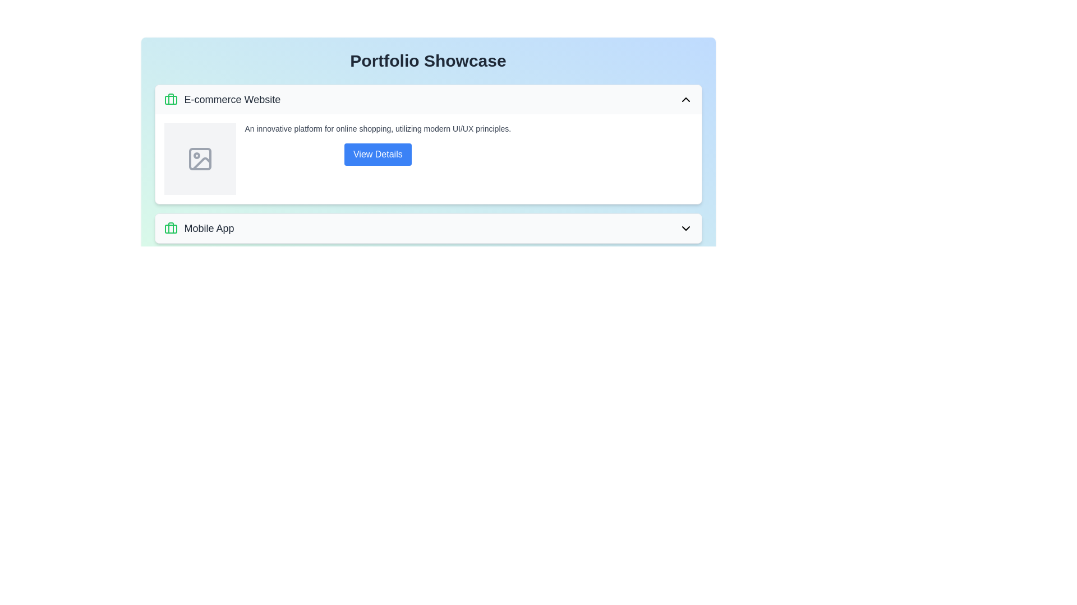 The image size is (1077, 605). I want to click on rectangular element that visually represents the briefcase icon, located next to the 'Mobile App' text, so click(170, 228).